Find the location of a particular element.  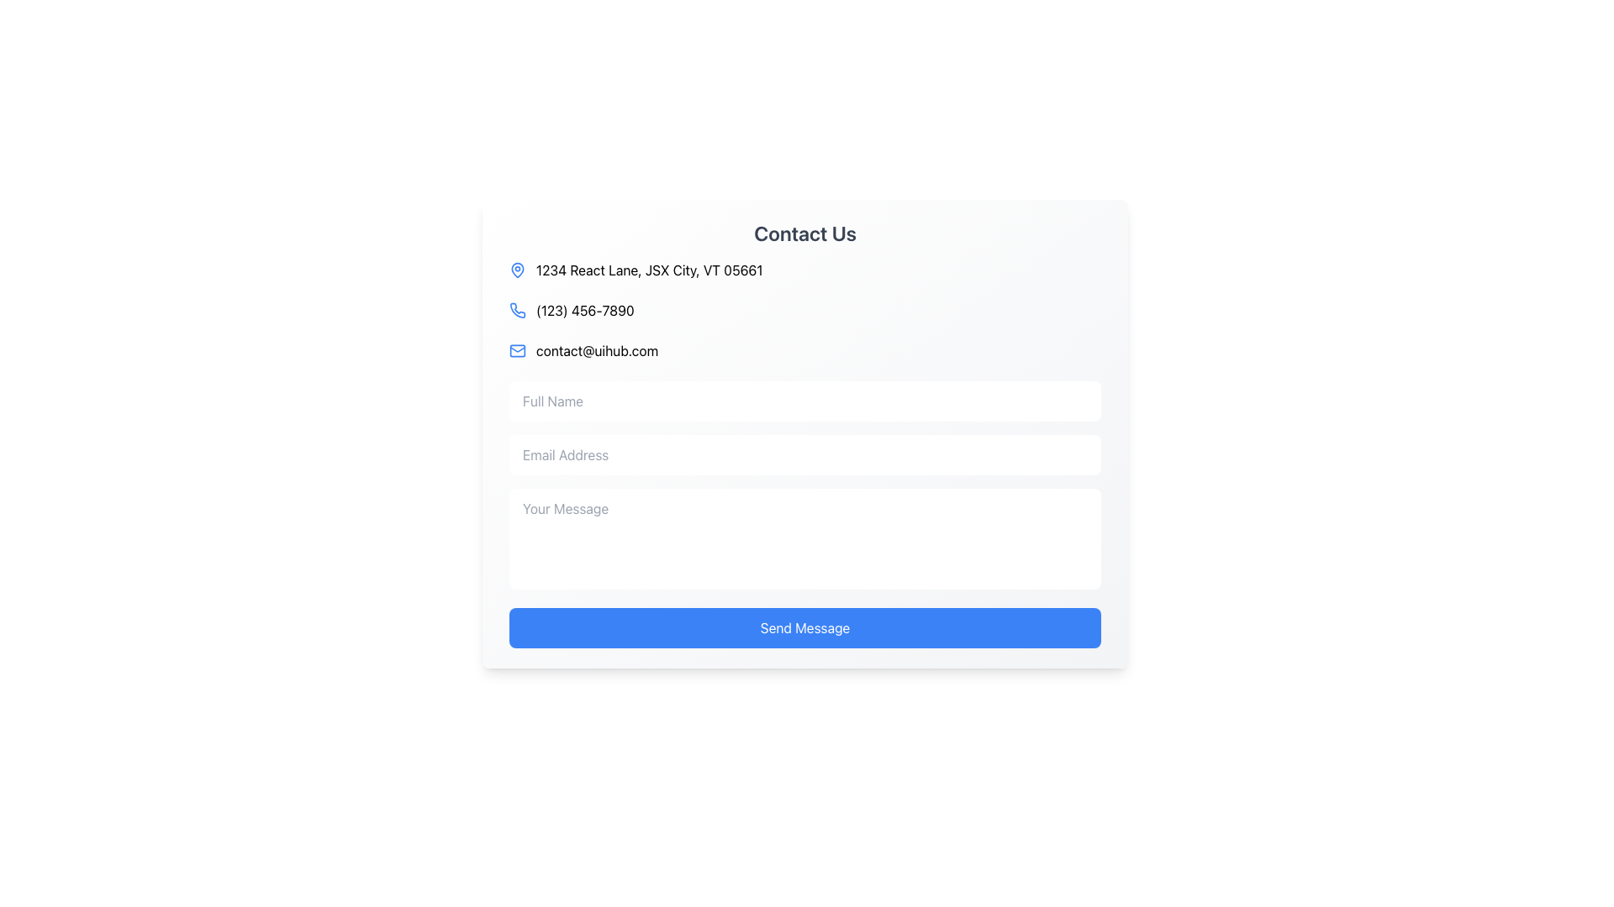

the telephone receiver icon styled as an SVG graphic, which is located beside the phone number '(123) 456-7890' in the second row of the contact information list is located at coordinates (517, 311).